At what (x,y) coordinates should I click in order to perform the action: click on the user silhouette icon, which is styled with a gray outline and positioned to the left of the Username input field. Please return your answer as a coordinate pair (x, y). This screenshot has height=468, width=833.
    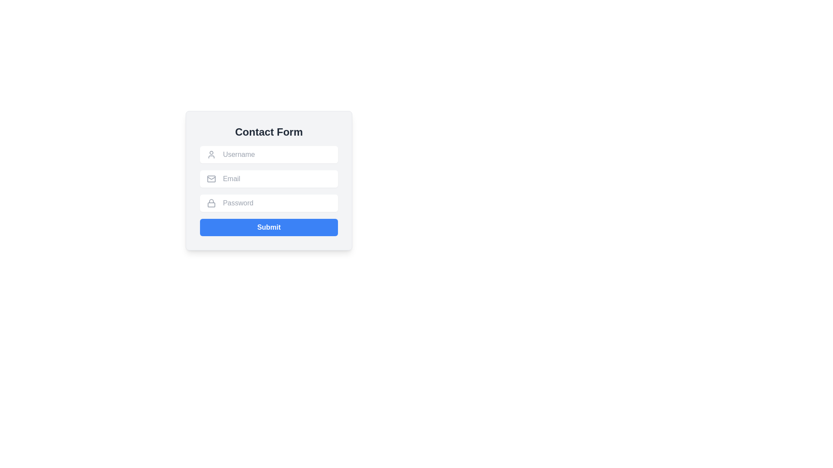
    Looking at the image, I should click on (211, 154).